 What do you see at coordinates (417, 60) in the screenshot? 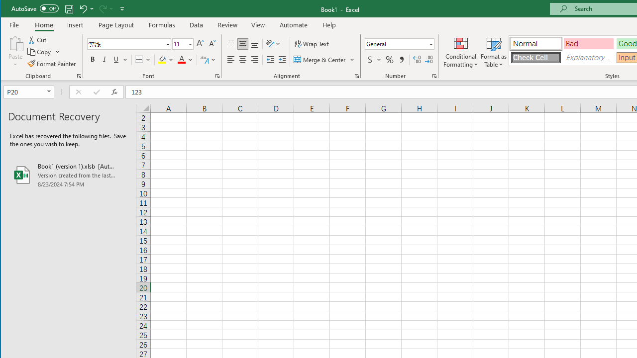
I see `'Increase Decimal'` at bounding box center [417, 60].